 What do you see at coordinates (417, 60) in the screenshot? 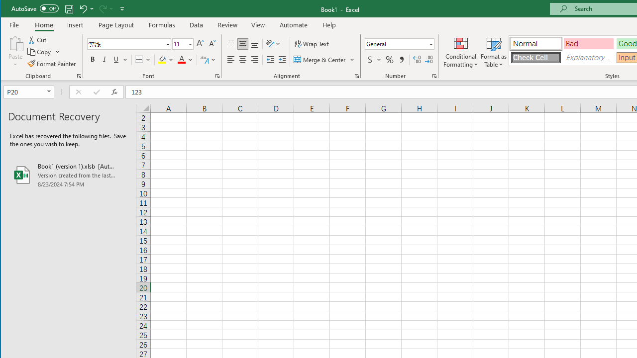
I see `'Increase Decimal'` at bounding box center [417, 60].